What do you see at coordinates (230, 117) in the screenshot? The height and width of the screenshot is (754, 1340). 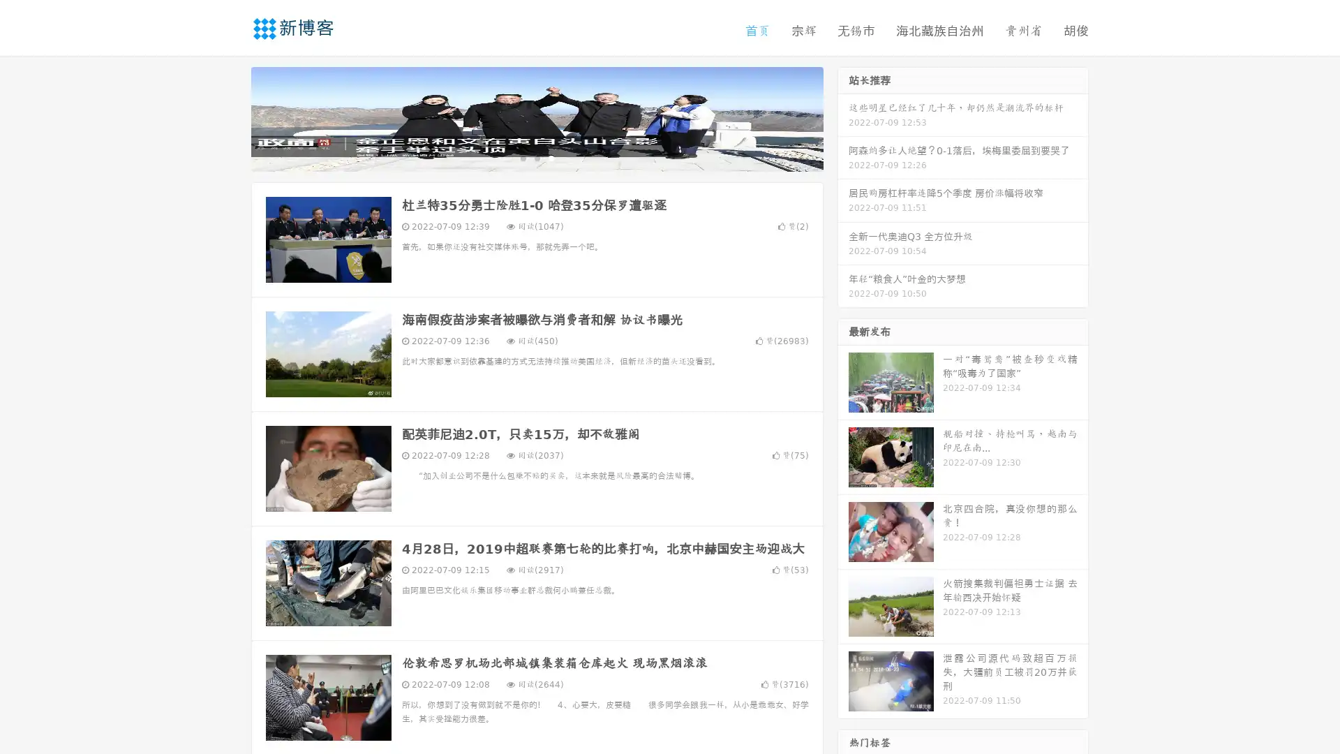 I see `Previous slide` at bounding box center [230, 117].